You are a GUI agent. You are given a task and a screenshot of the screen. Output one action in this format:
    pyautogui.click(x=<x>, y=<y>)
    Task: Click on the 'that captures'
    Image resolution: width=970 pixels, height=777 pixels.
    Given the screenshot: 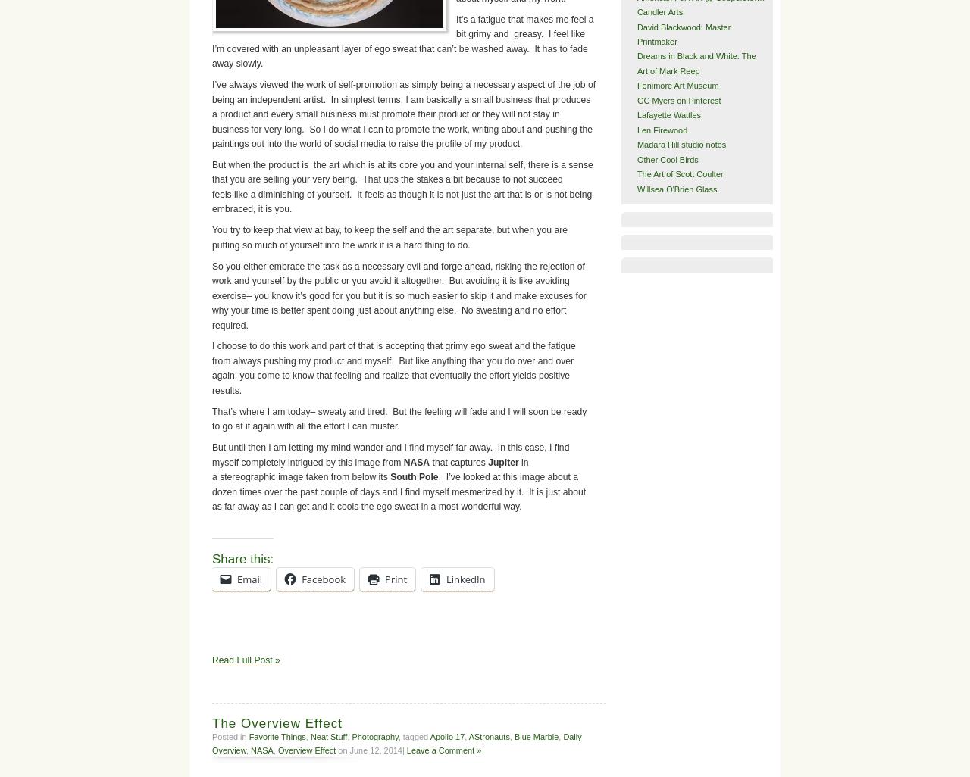 What is the action you would take?
    pyautogui.click(x=458, y=460)
    